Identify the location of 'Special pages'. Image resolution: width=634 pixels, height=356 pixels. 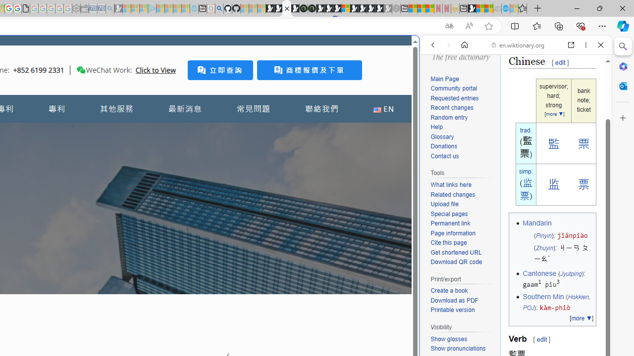
(463, 214).